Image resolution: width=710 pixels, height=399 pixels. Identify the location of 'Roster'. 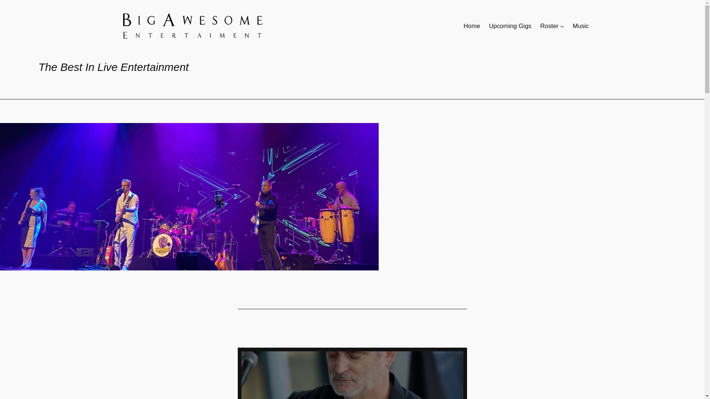
(549, 25).